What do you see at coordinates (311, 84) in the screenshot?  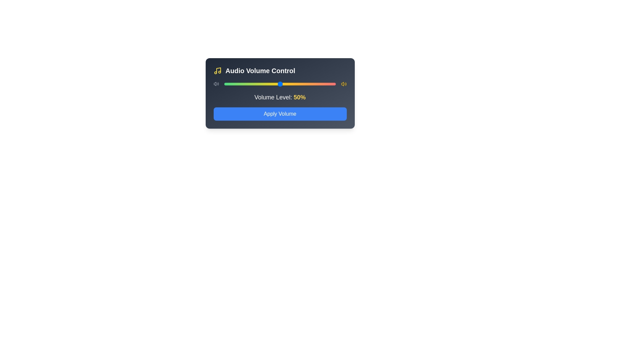 I see `the volume slider to set the volume to 78%` at bounding box center [311, 84].